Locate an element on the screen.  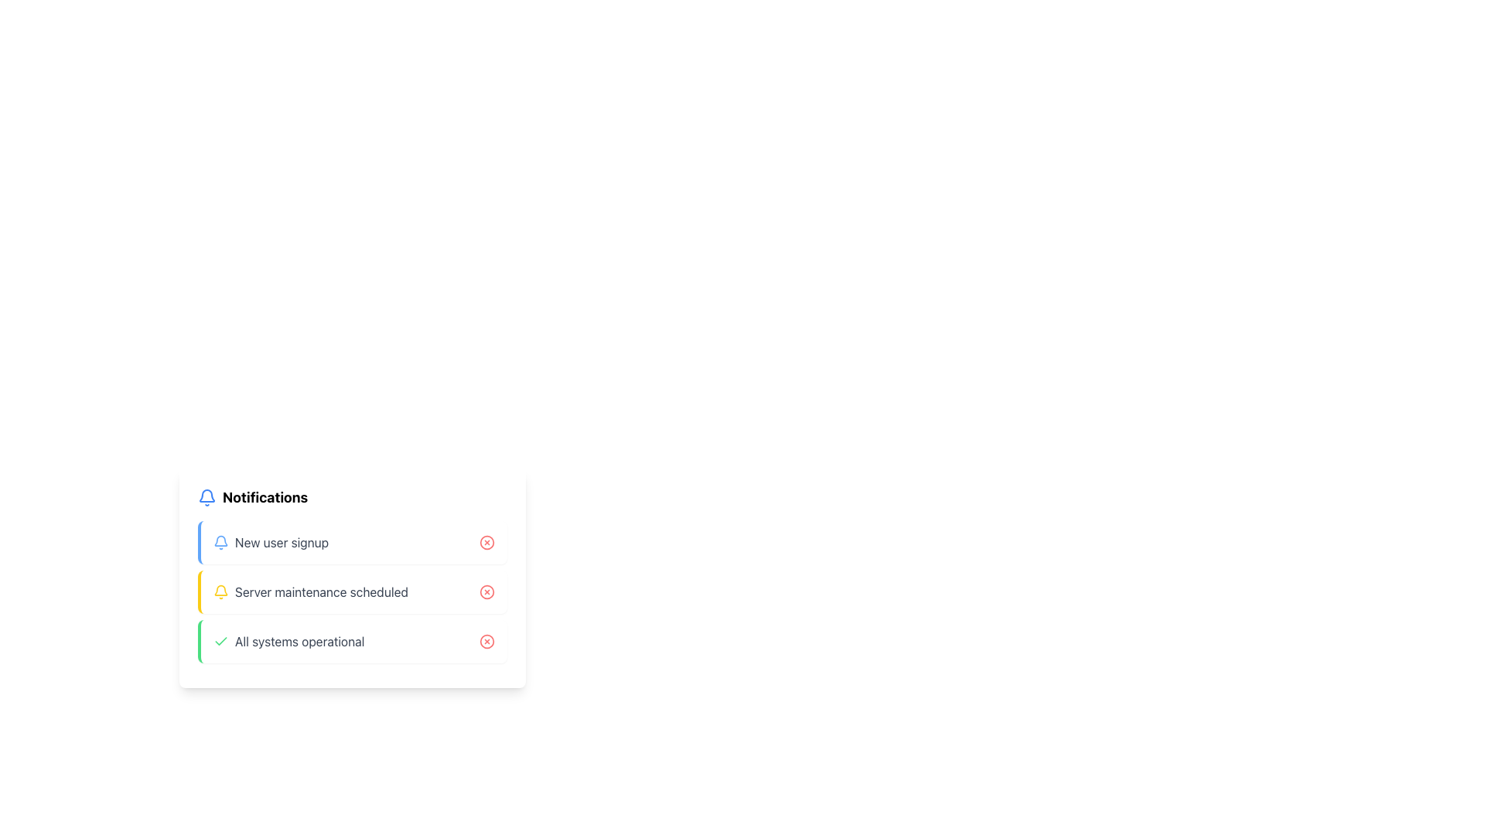
the static text label that conveys the operational status of the system, located in the third row of the notification list, alongside a green checkmark icon is located at coordinates (299, 641).